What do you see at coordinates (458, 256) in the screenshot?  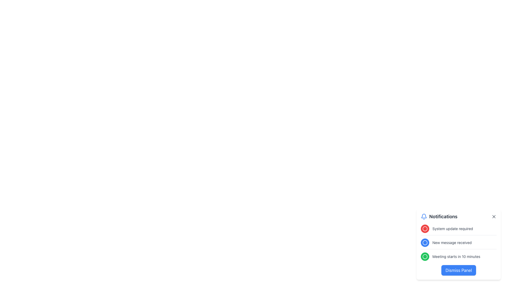 I see `details of the third notification in the list located in the bottom-right corner of the interface, positioned between 'New message received' and the 'Dismiss Panel' button` at bounding box center [458, 256].